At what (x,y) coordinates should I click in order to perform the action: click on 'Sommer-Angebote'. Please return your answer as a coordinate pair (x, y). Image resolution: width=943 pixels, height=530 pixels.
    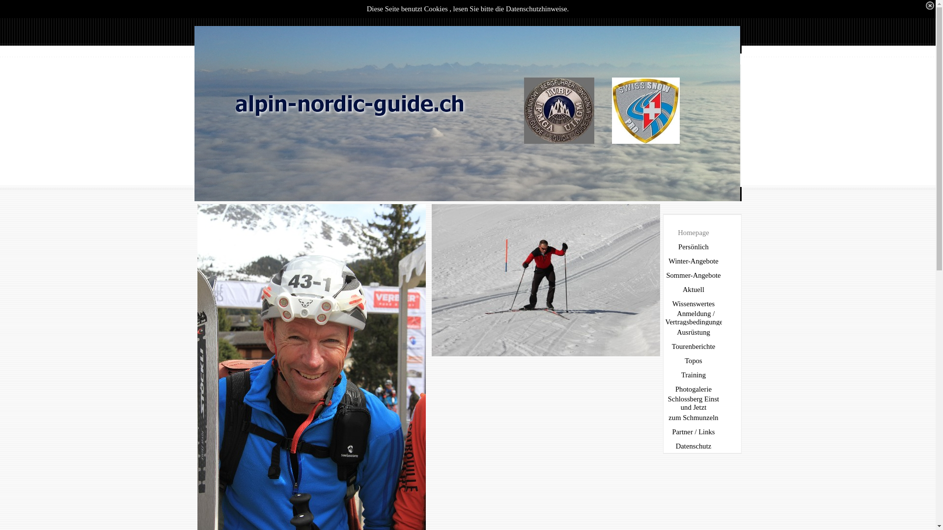
    Looking at the image, I should click on (665, 275).